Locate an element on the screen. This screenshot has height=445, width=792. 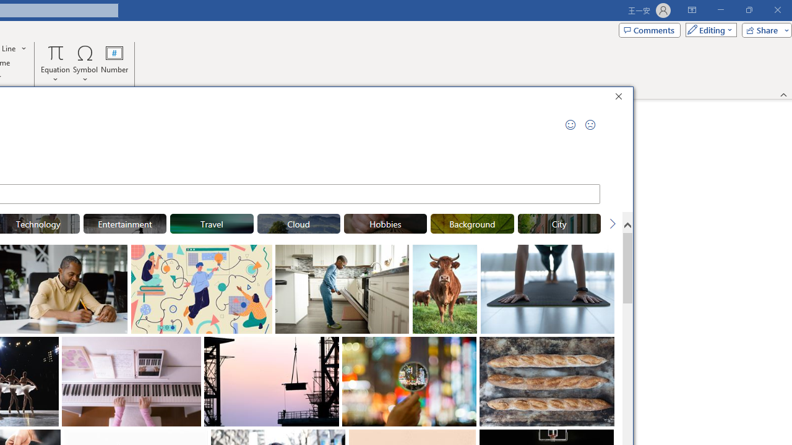
'Comments' is located at coordinates (648, 29).